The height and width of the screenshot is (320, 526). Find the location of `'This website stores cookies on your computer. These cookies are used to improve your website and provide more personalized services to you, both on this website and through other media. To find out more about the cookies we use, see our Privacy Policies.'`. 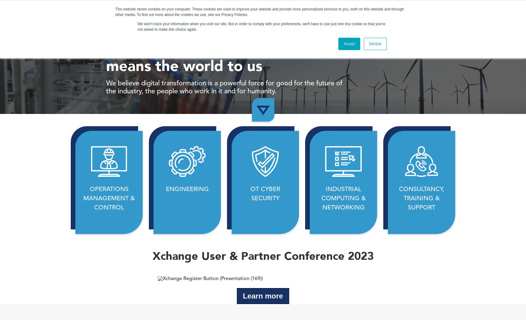

'This website stores cookies on your computer. These cookies are used to improve your website and provide more personalized services to you, both on this website and through other media. To find out more about the cookies we use, see our Privacy Policies.' is located at coordinates (260, 11).